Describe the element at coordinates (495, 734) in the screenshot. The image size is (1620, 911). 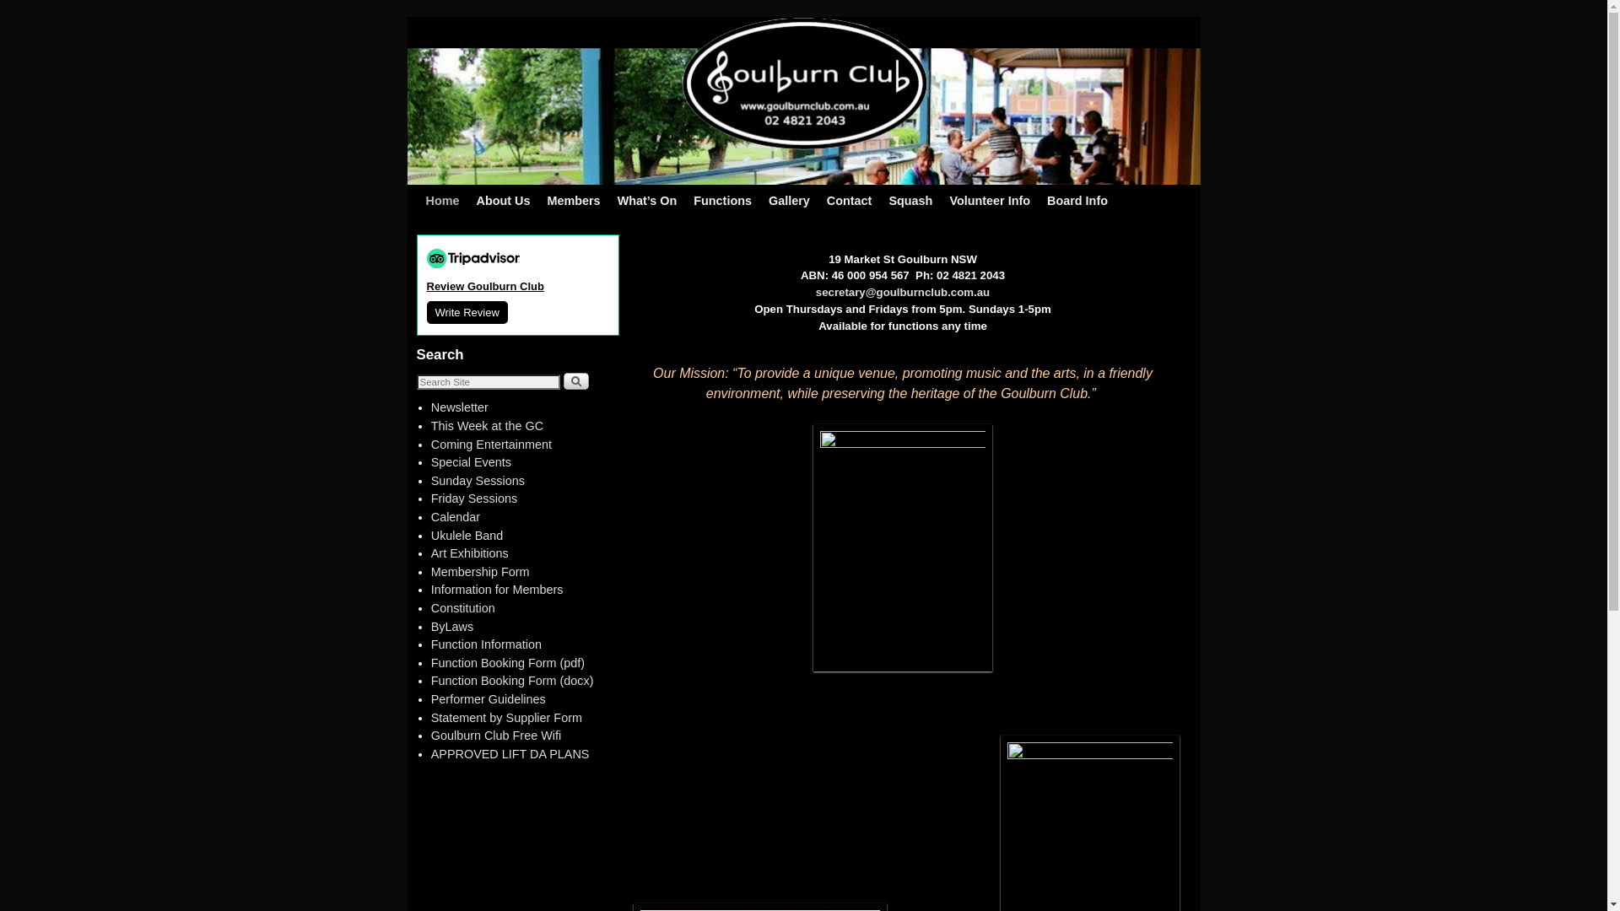
I see `'Goulburn Club Free Wifi'` at that location.